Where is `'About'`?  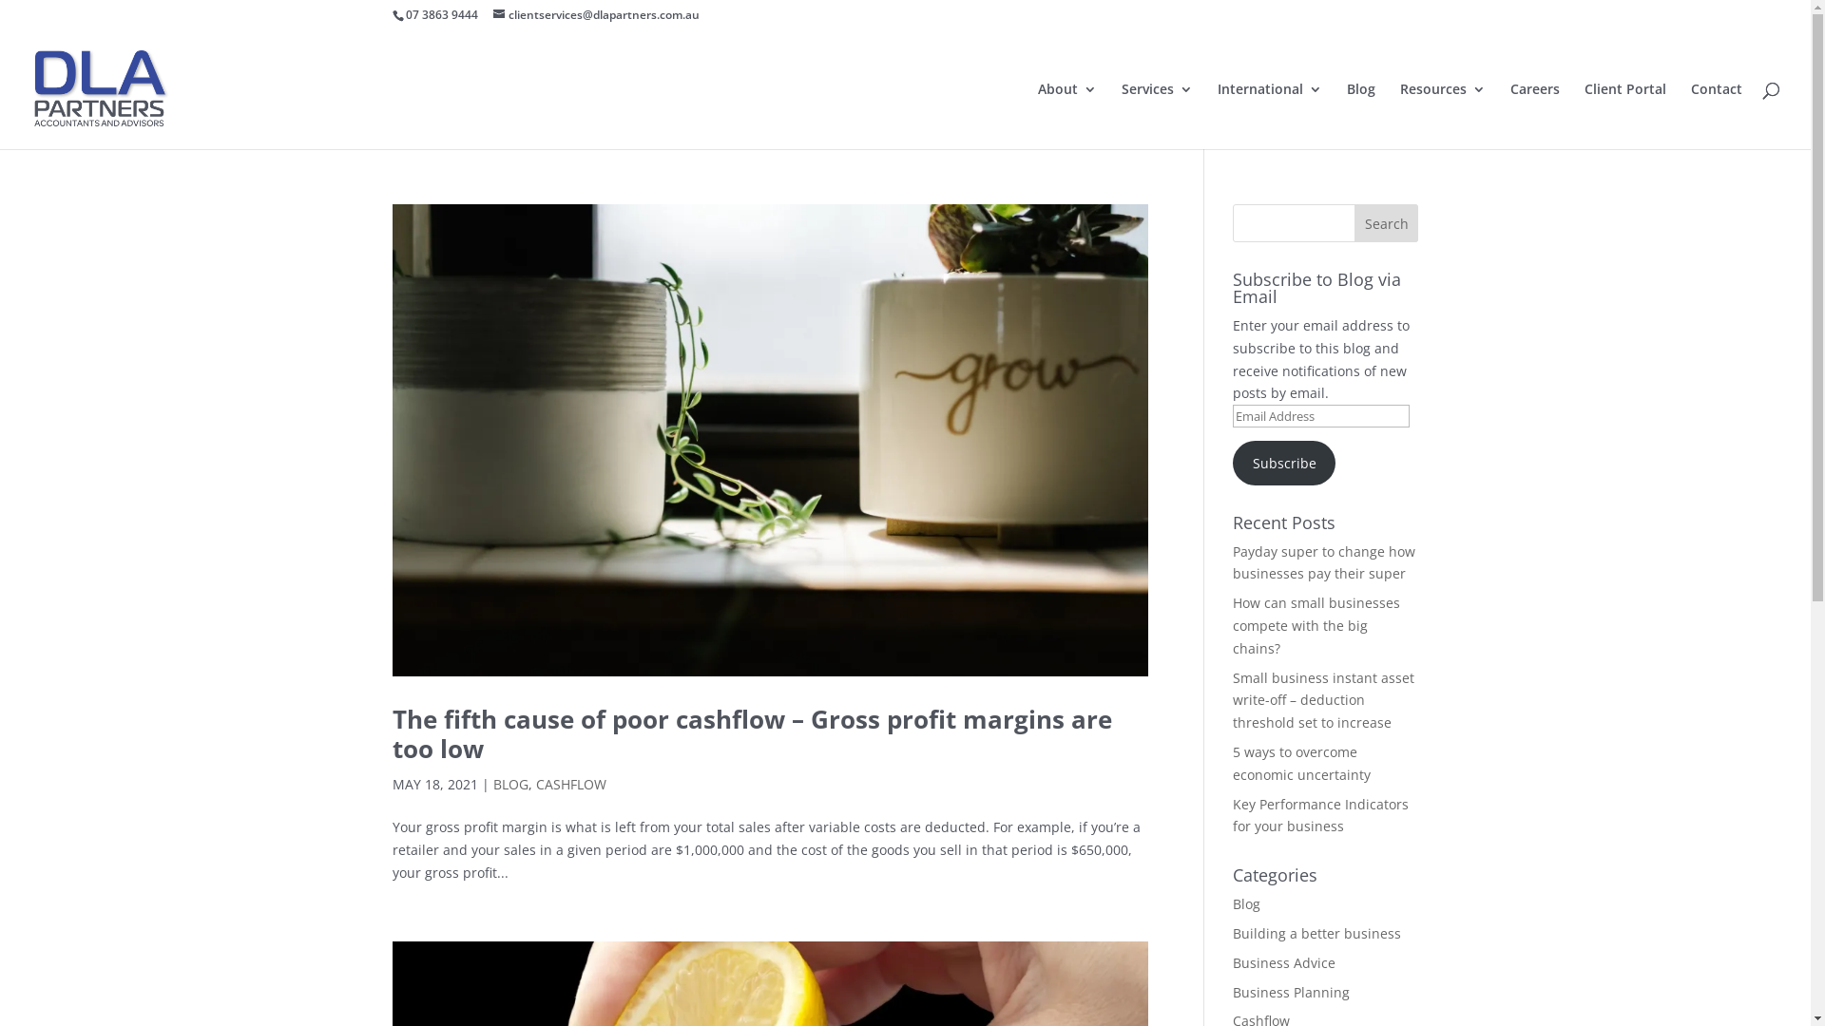
'About' is located at coordinates (1067, 116).